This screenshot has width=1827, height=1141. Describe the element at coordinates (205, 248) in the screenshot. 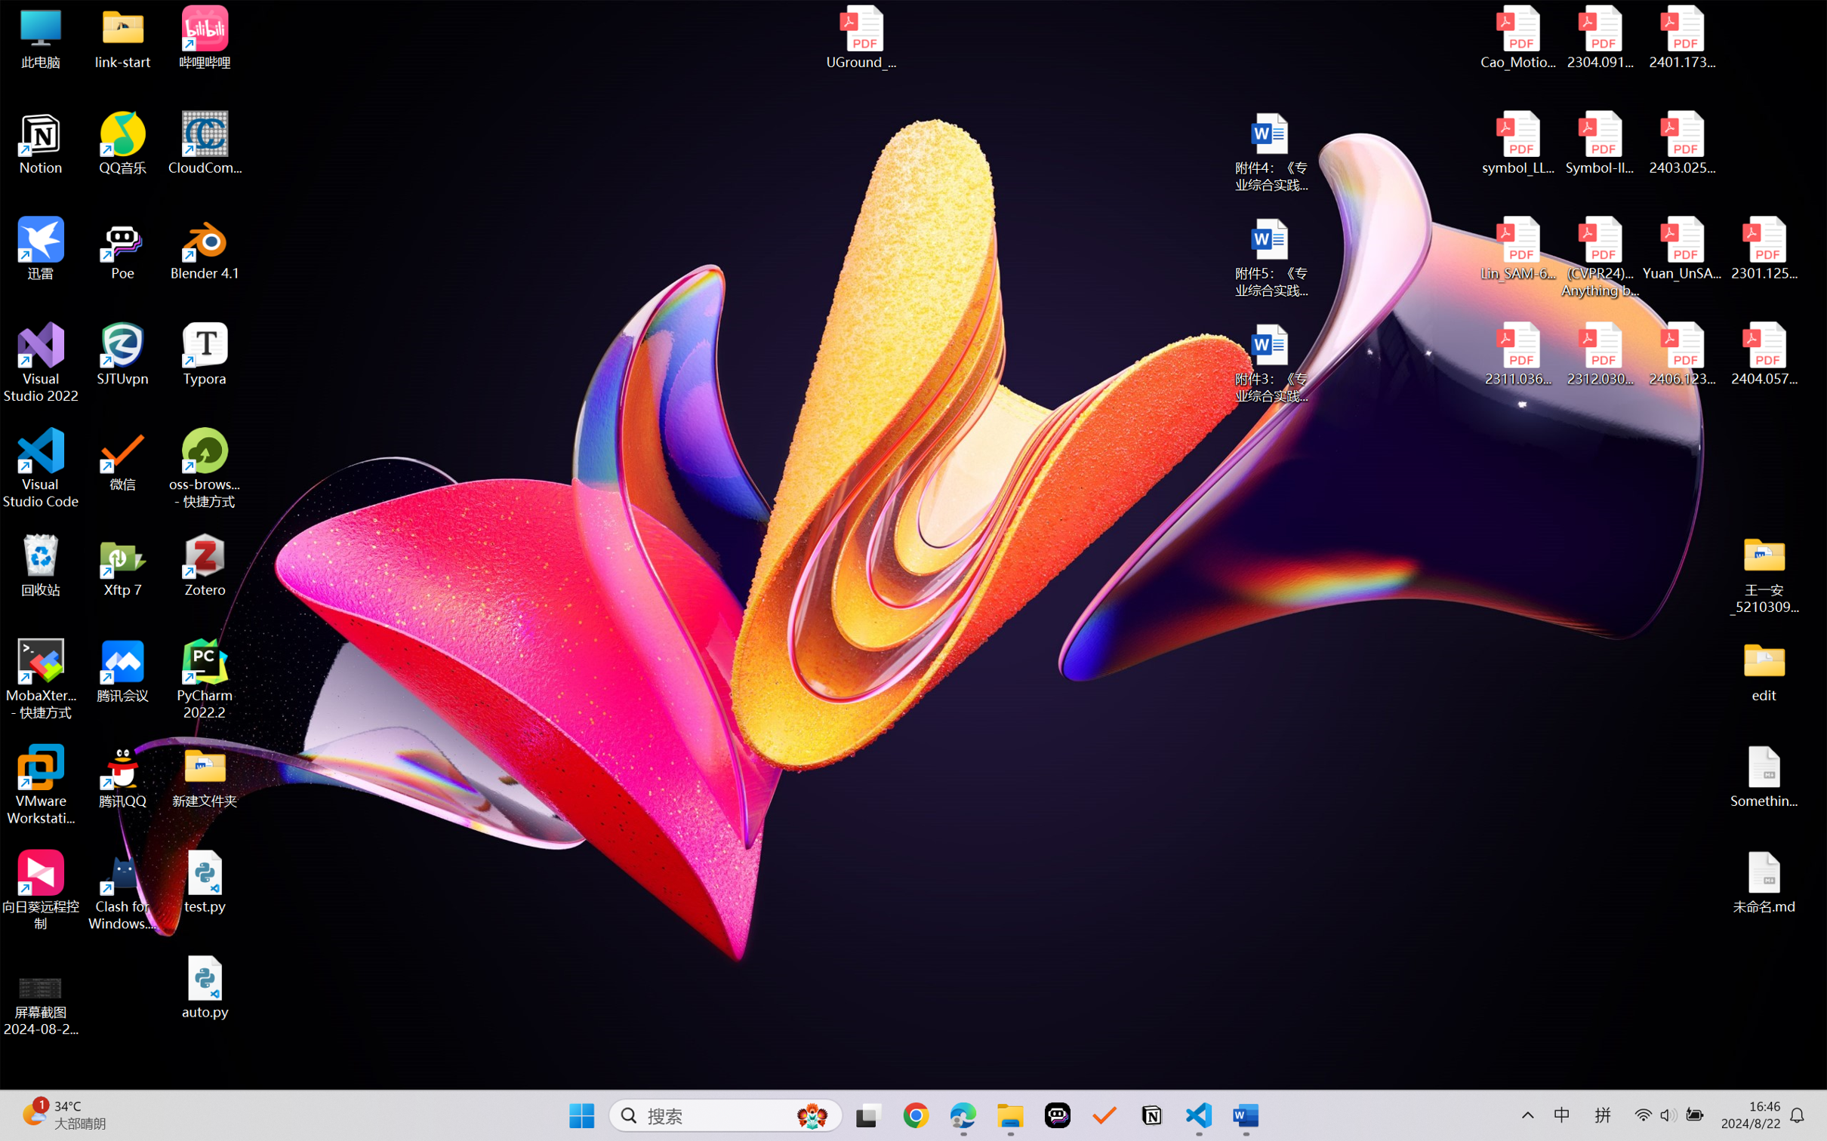

I see `'Blender 4.1'` at that location.